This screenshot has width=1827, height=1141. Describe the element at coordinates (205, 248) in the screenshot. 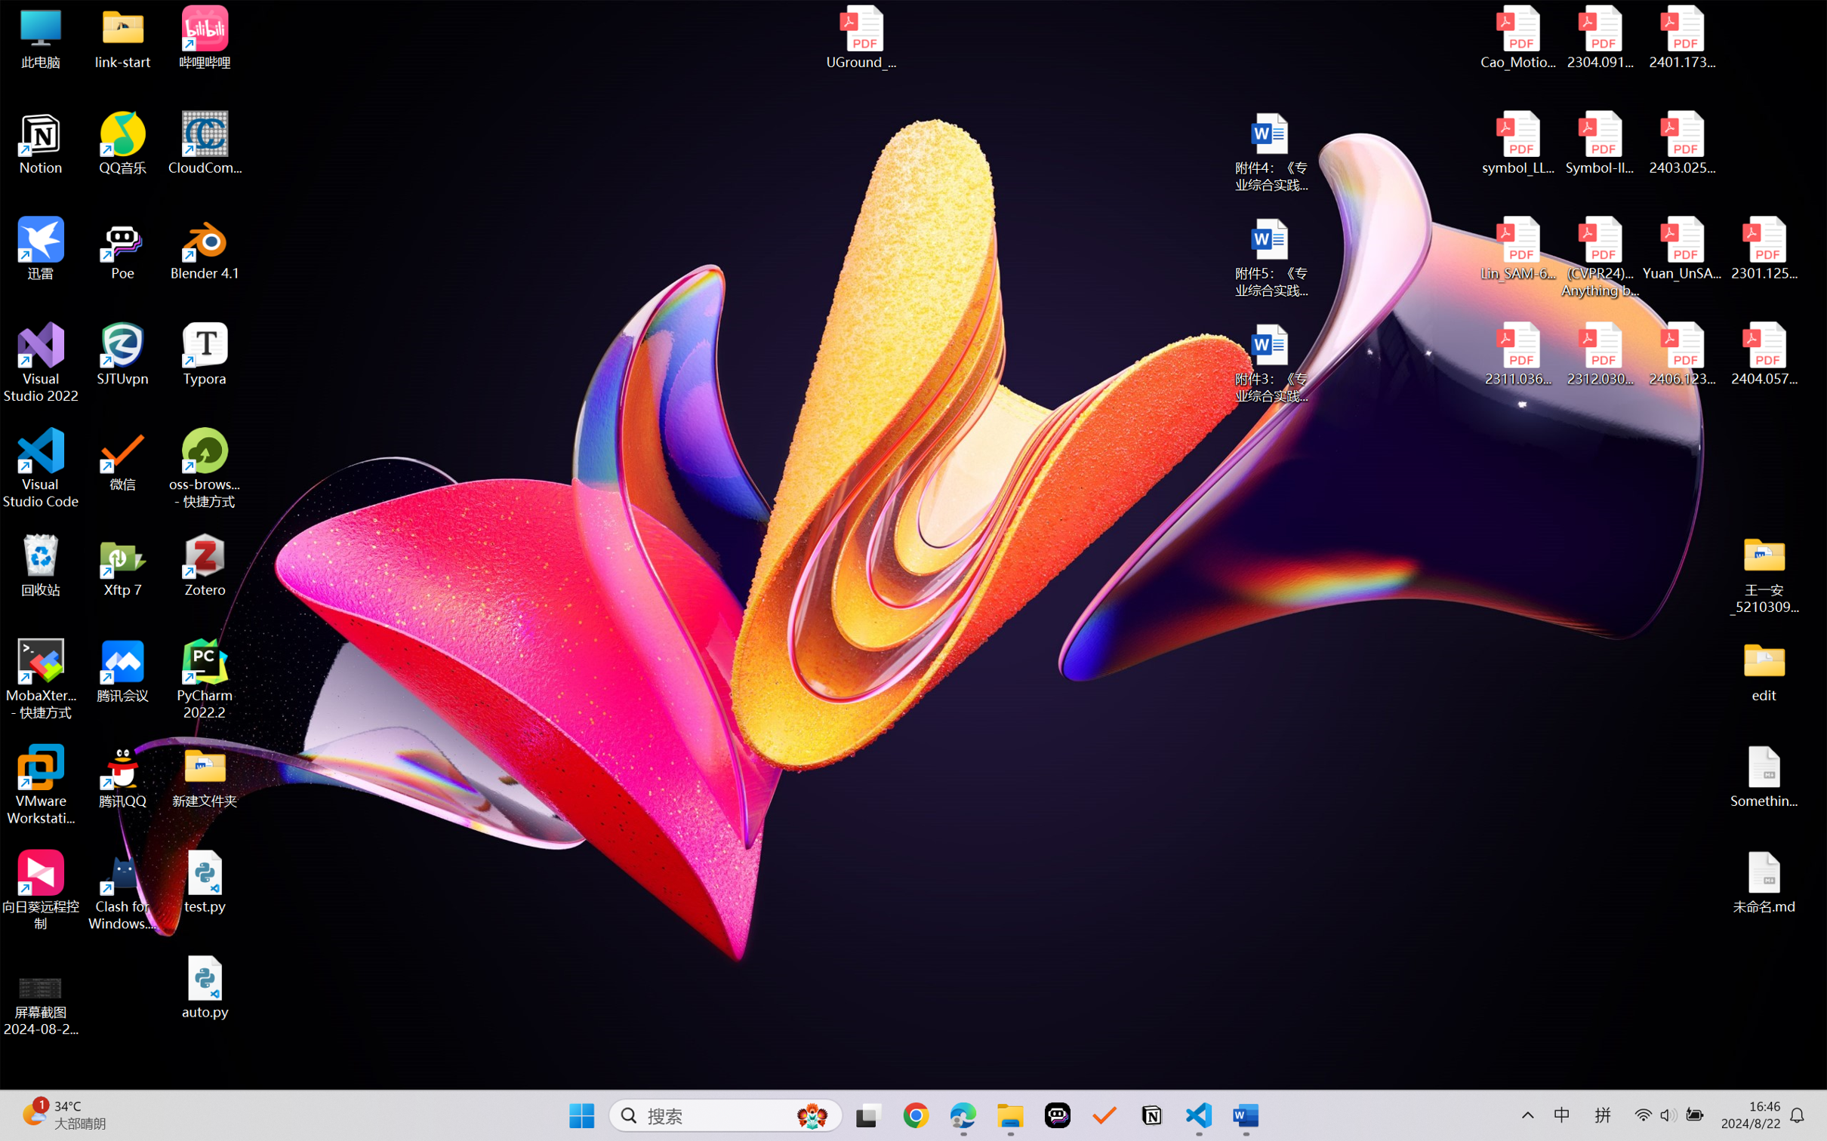

I see `'Blender 4.1'` at that location.